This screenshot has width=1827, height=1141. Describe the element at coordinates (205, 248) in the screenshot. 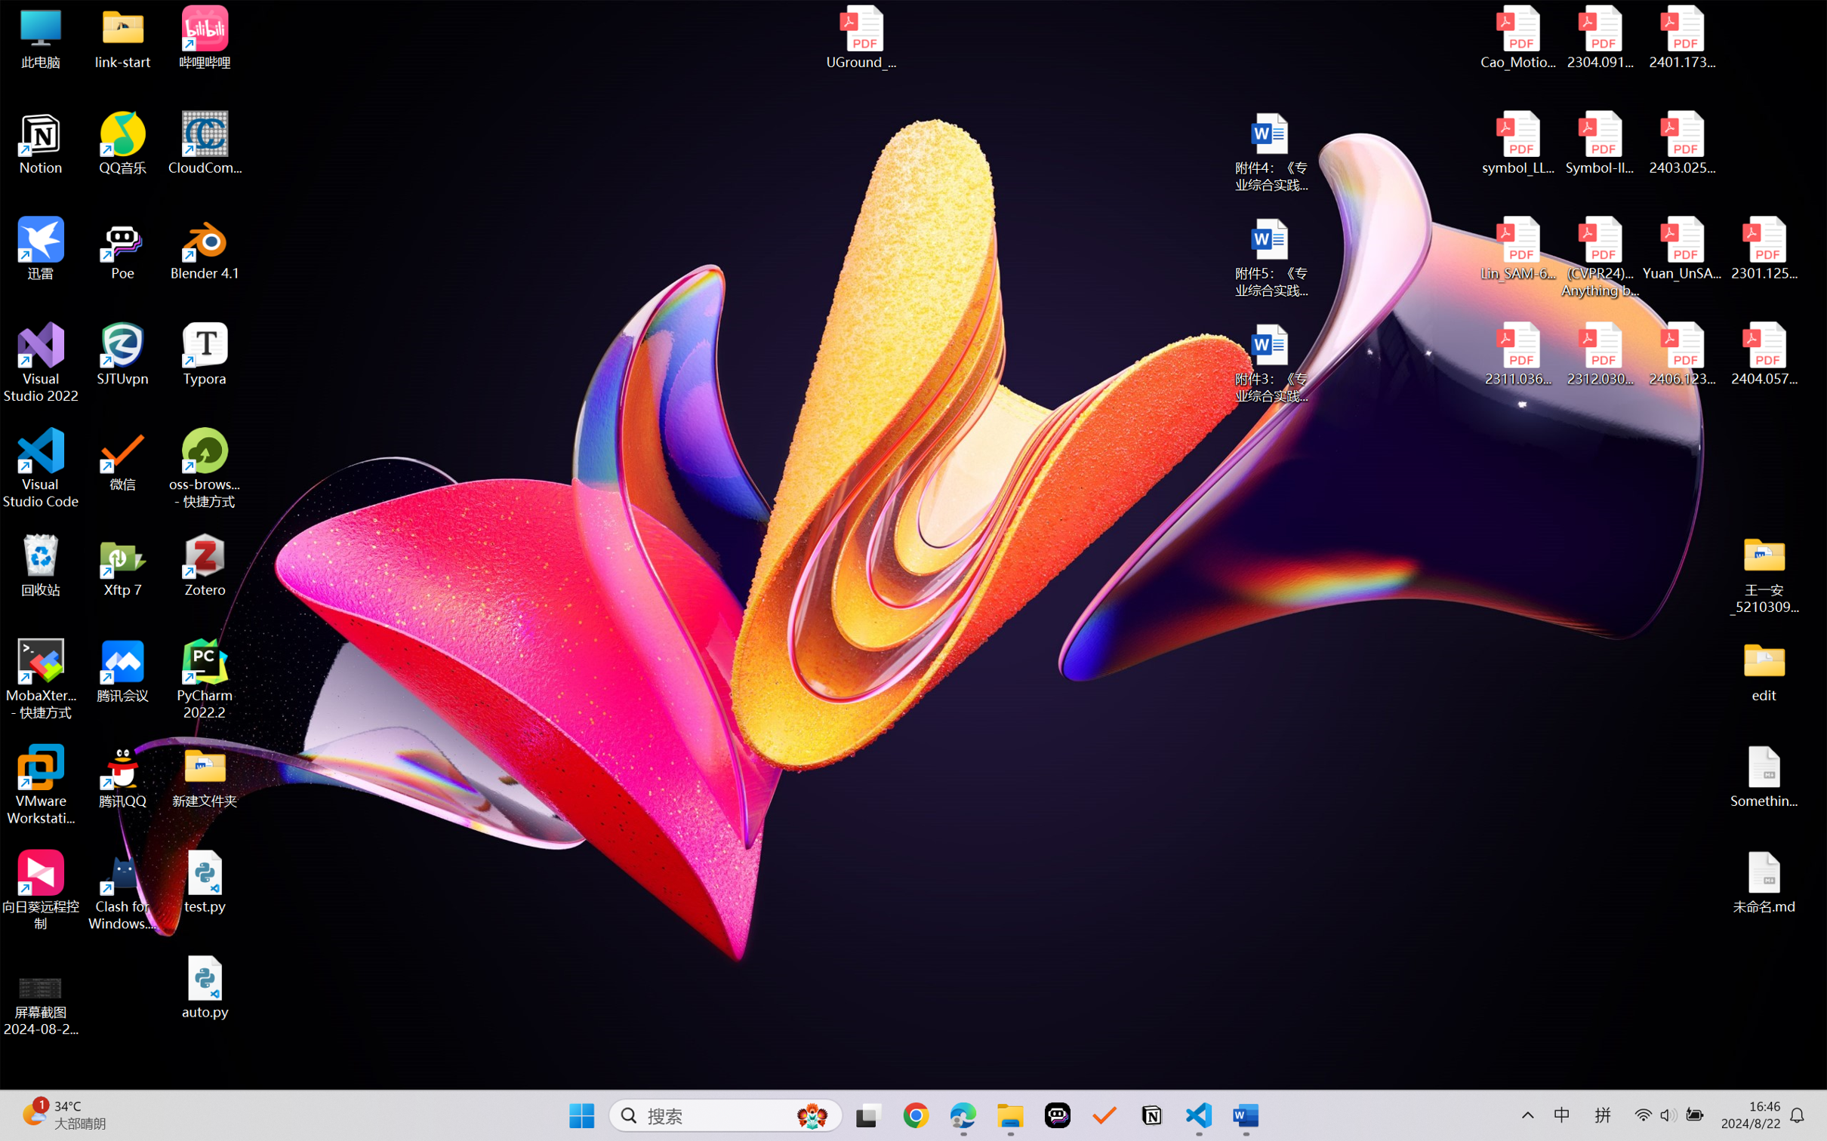

I see `'Blender 4.1'` at that location.